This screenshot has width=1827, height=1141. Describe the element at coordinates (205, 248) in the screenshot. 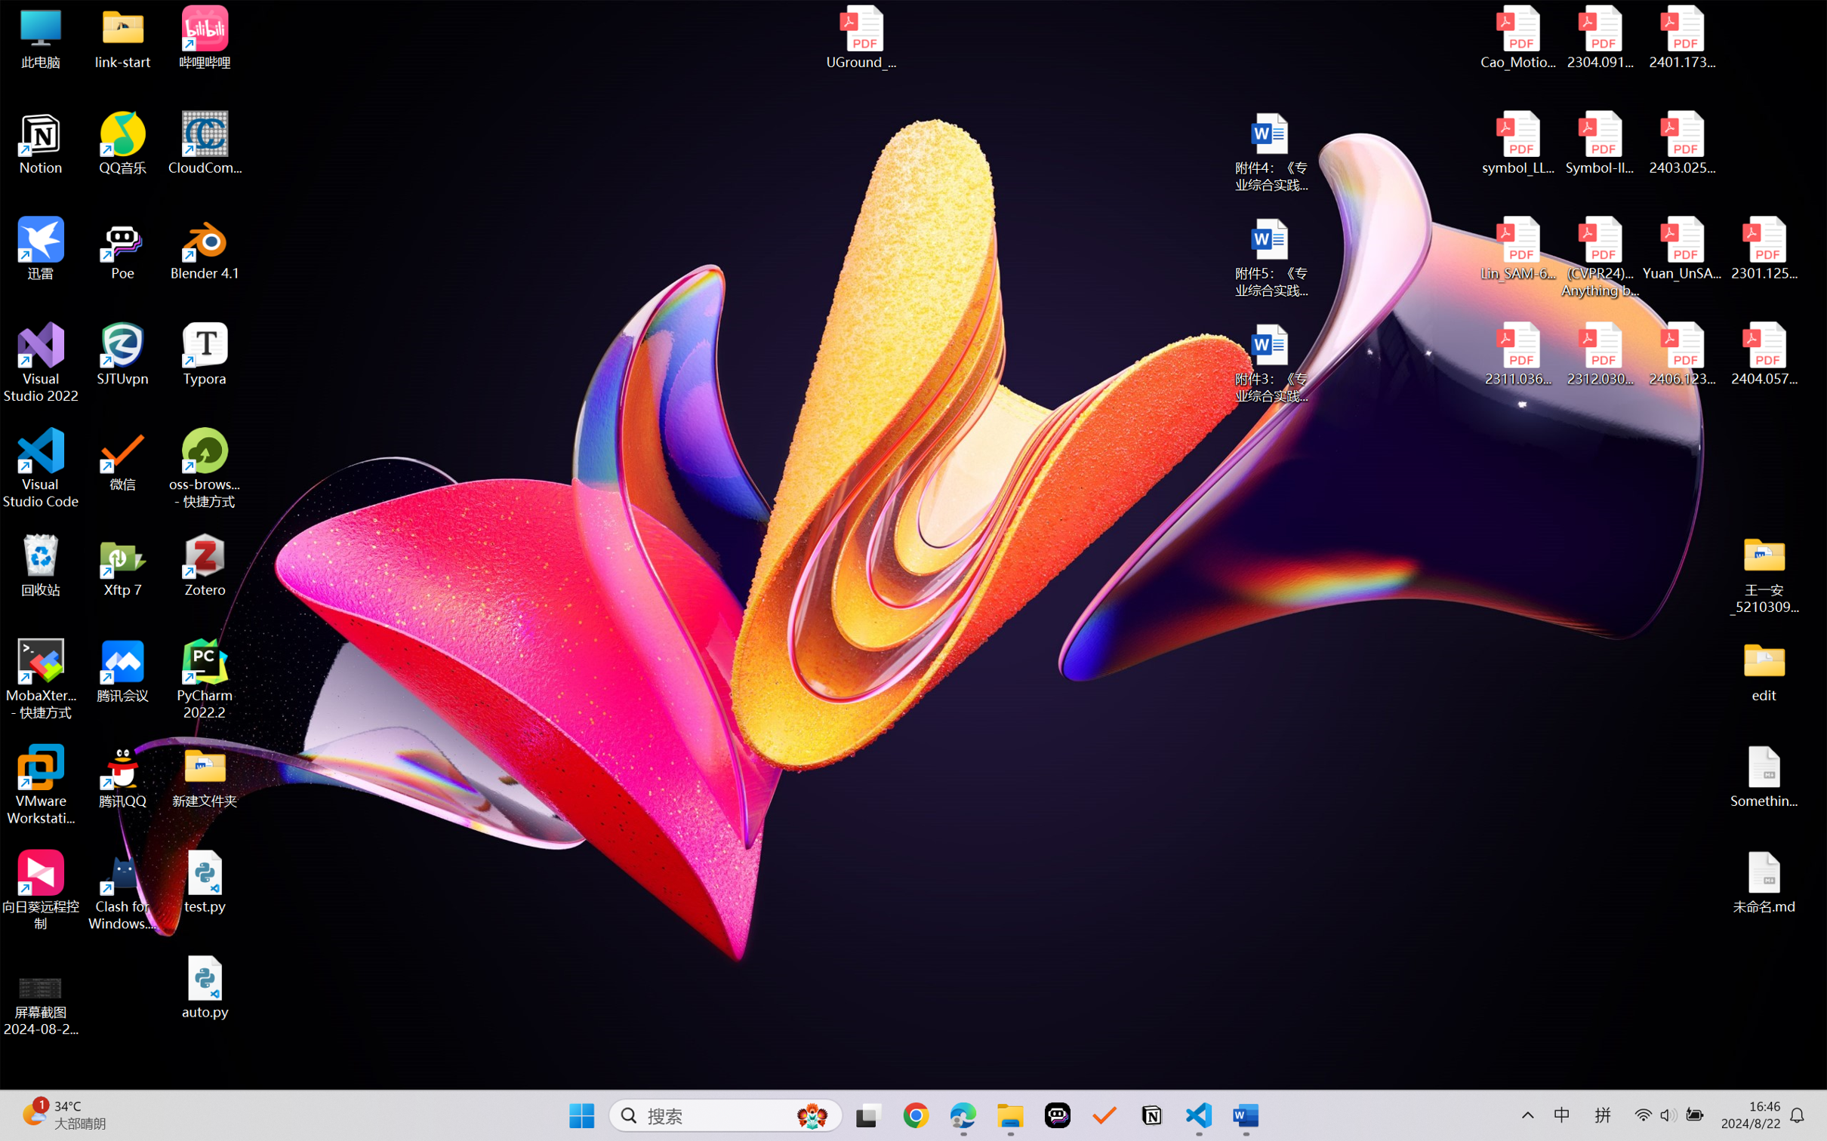

I see `'Blender 4.1'` at that location.